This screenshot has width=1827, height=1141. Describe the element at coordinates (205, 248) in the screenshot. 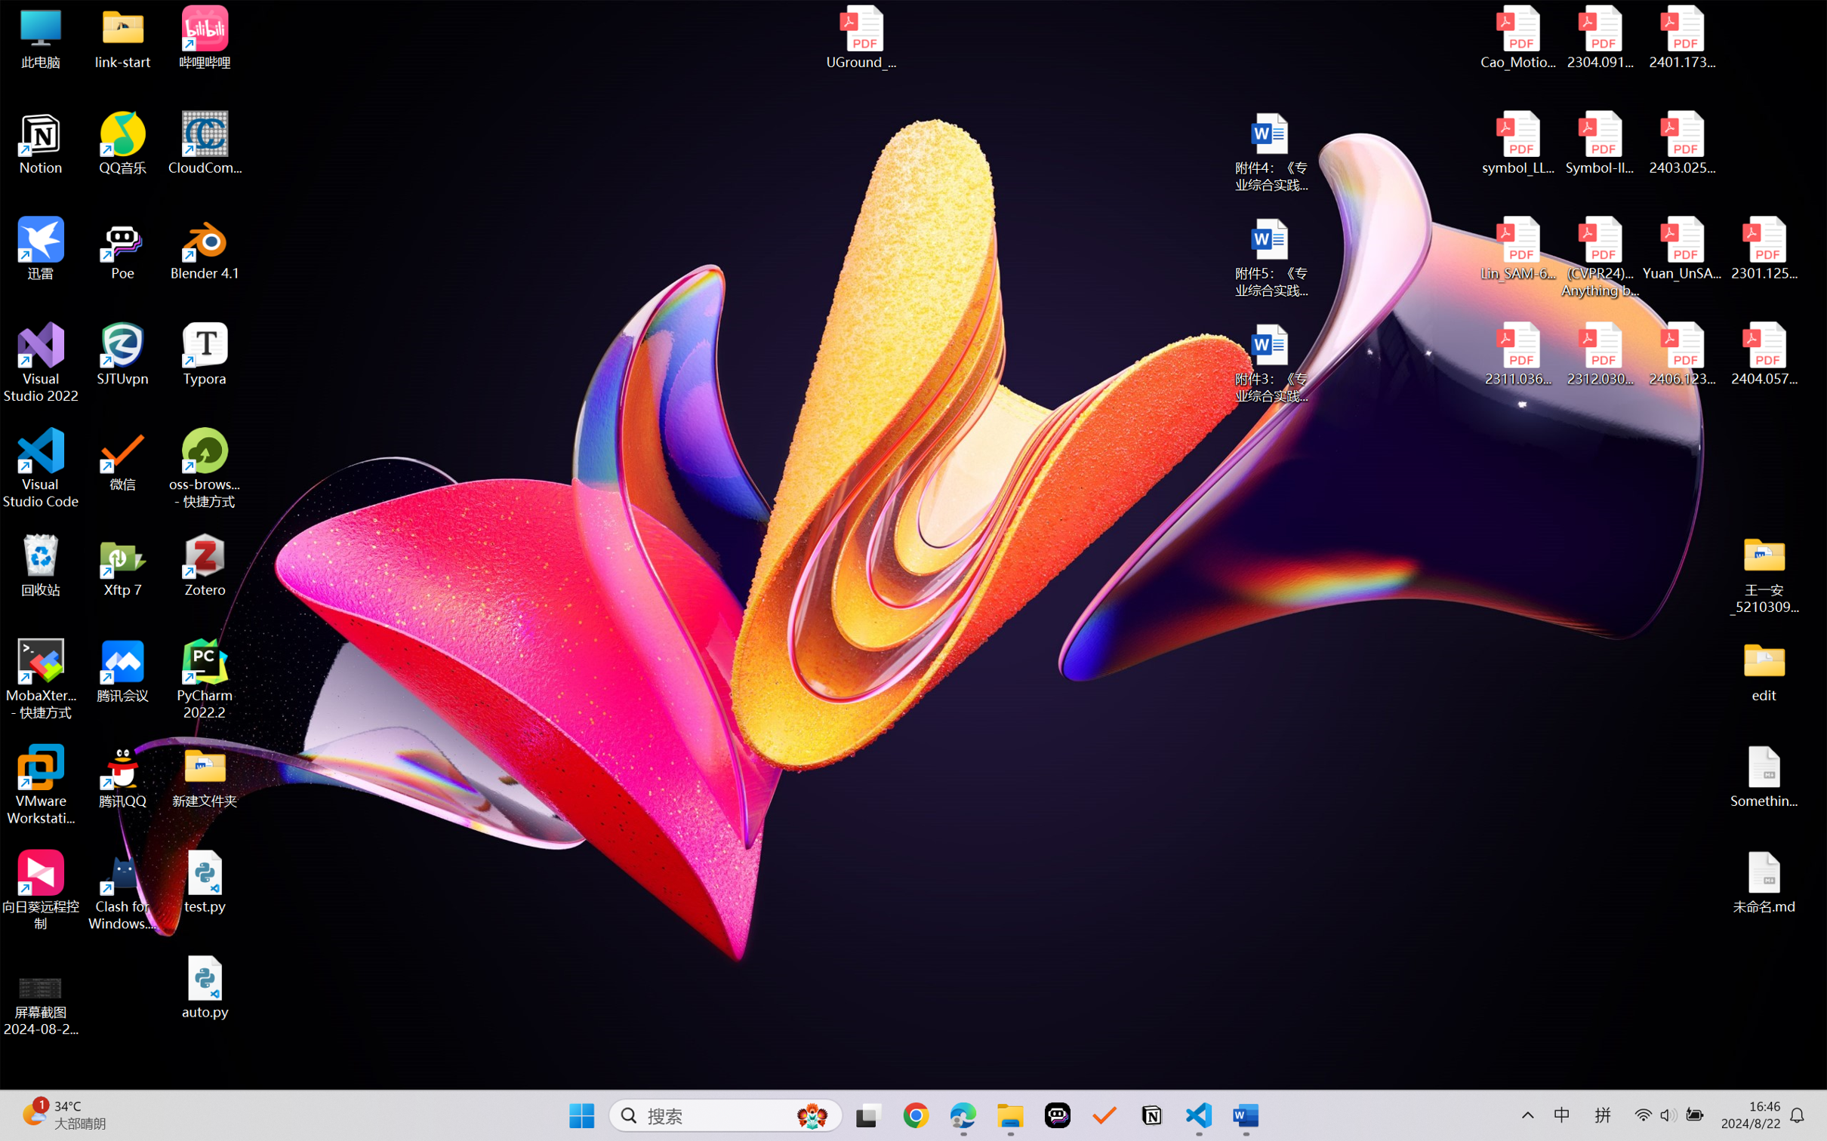

I see `'Blender 4.1'` at that location.